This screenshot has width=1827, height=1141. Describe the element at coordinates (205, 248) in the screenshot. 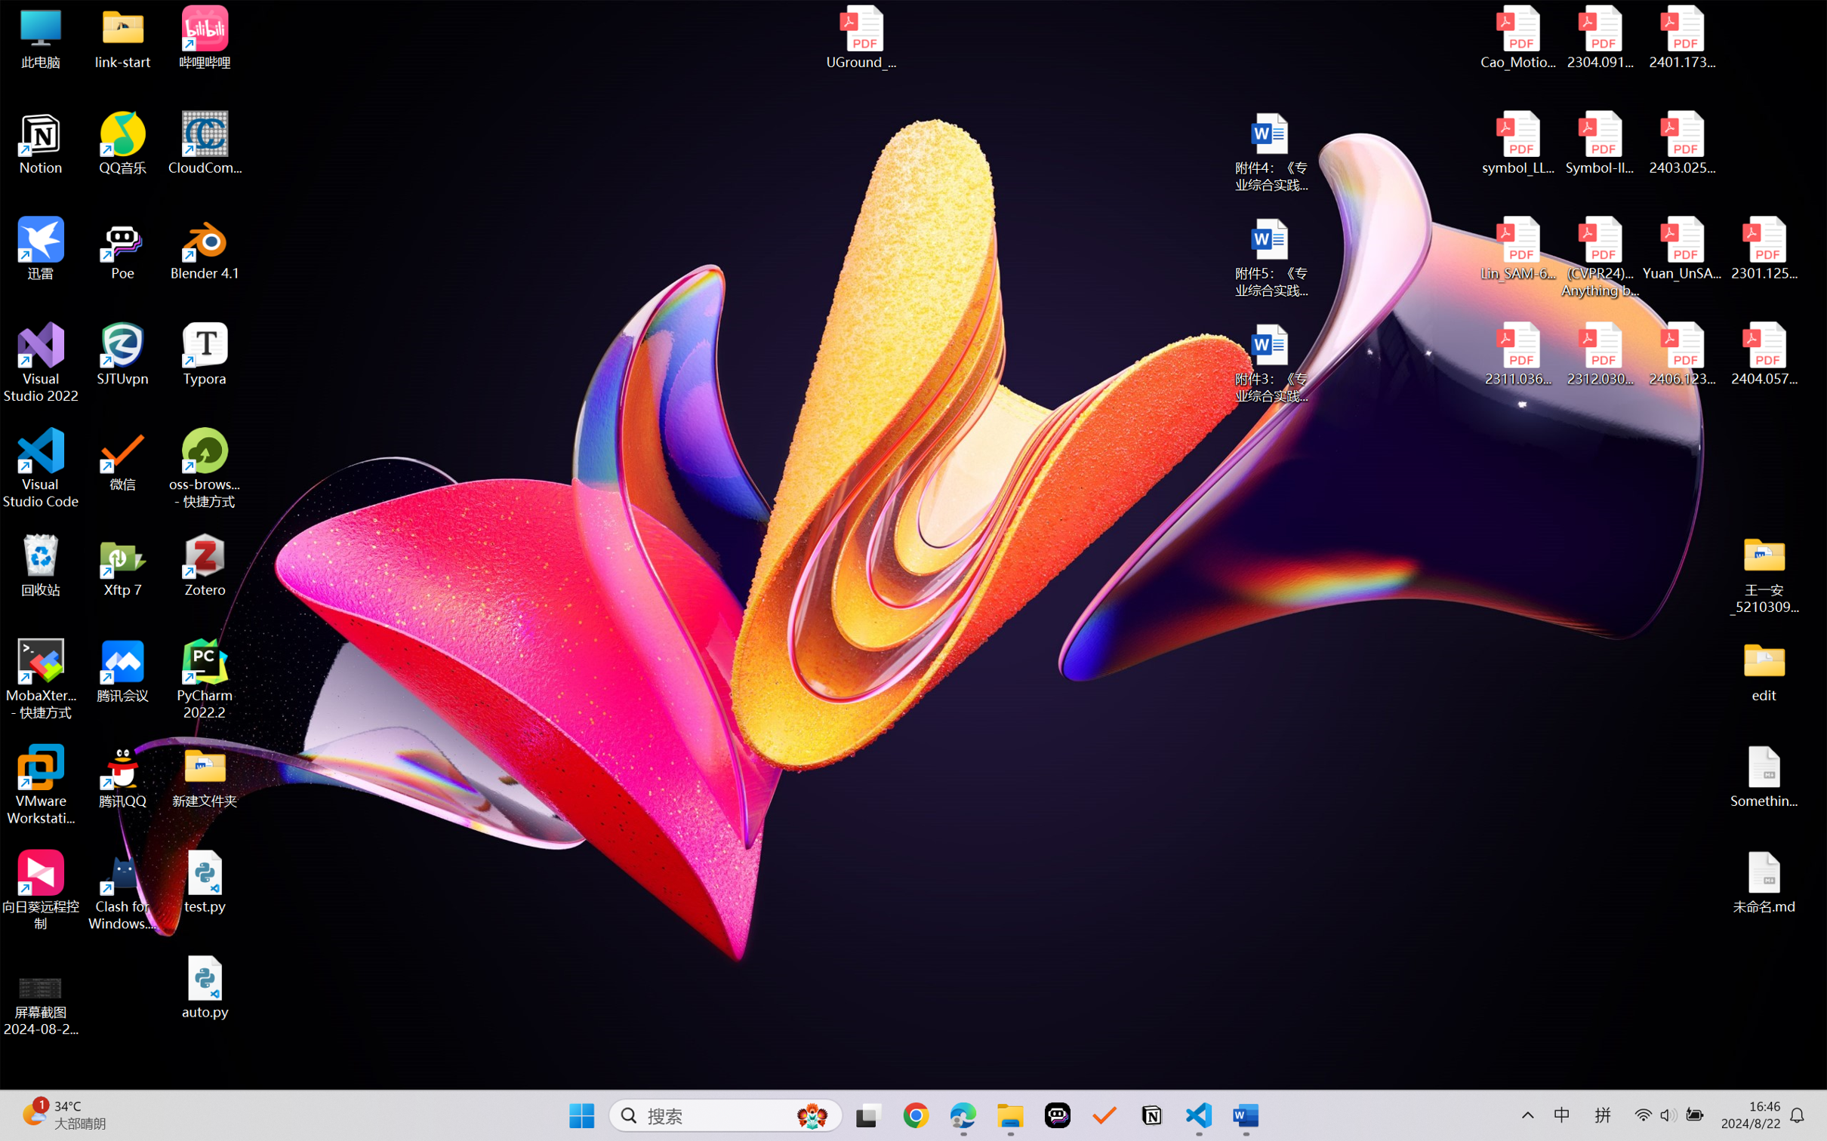

I see `'Blender 4.1'` at that location.